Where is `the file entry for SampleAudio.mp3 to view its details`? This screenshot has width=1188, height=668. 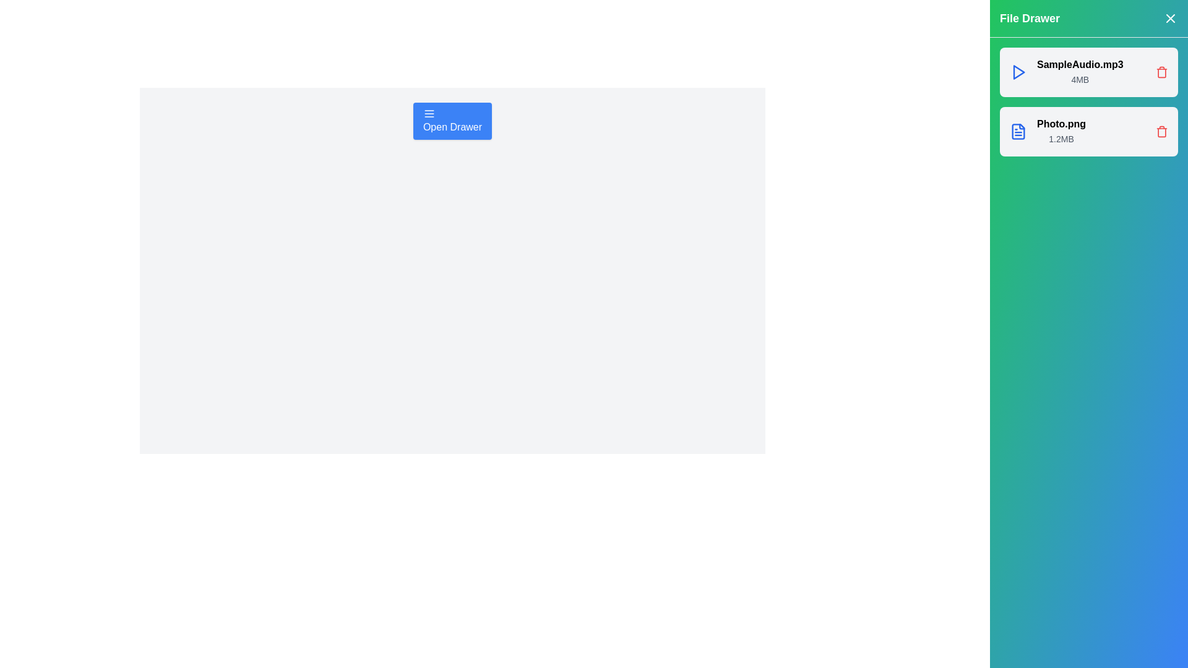 the file entry for SampleAudio.mp3 to view its details is located at coordinates (1089, 72).